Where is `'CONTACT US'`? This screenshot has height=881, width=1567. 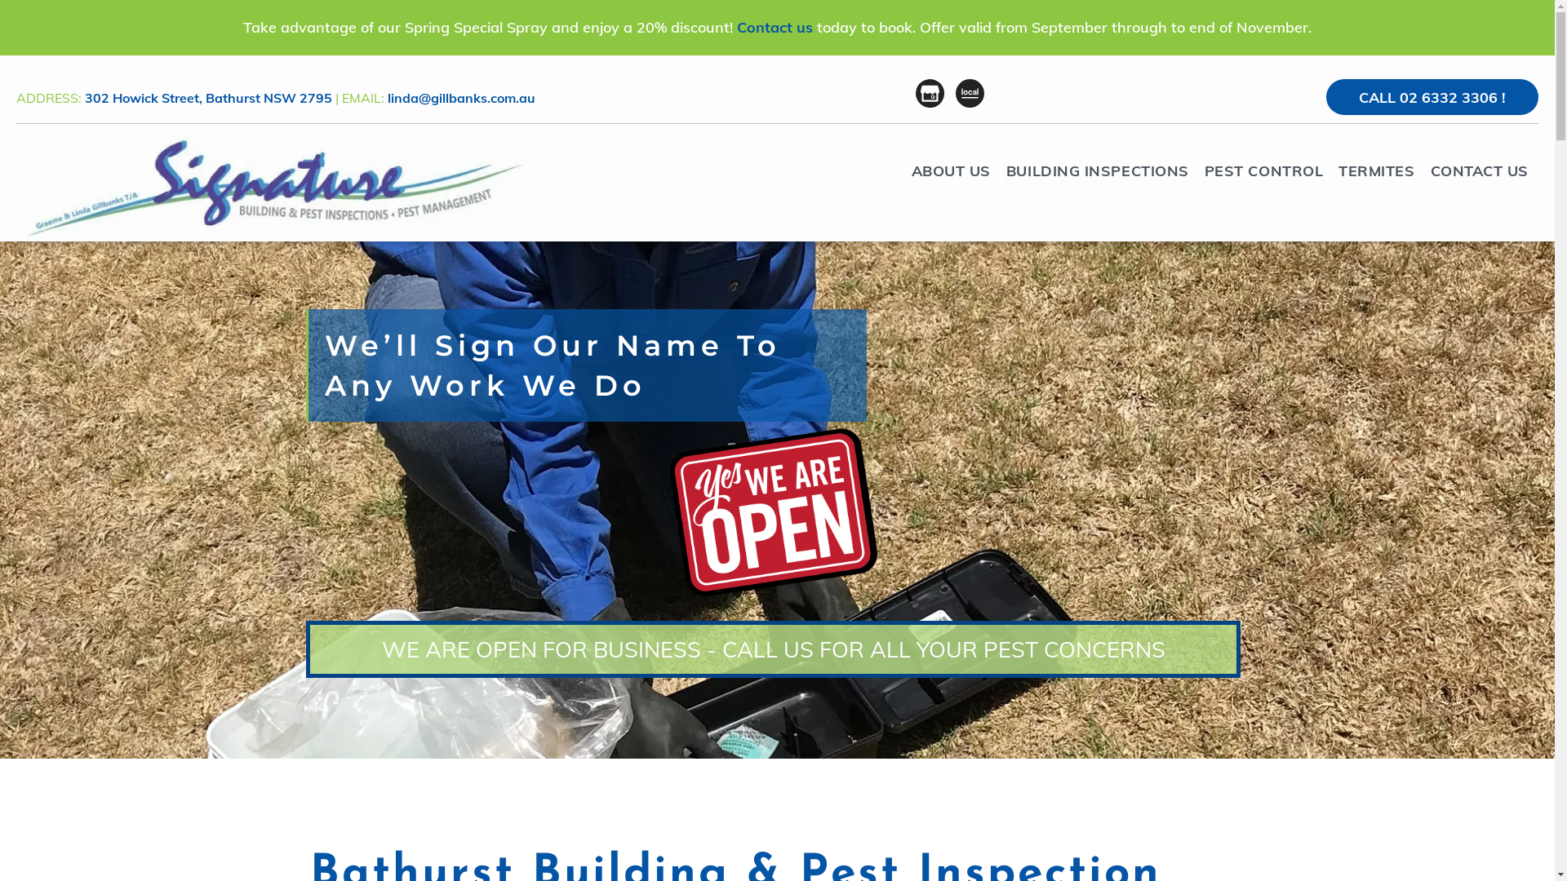 'CONTACT US' is located at coordinates (1424, 170).